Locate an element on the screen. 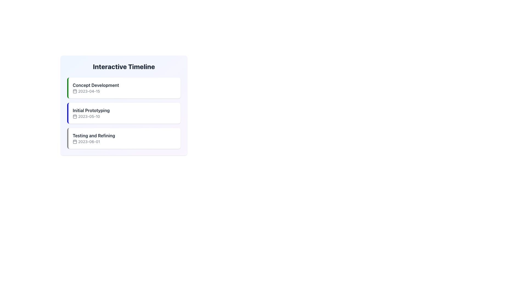  the Text Display with Icon that provides information about 'Concept Development' dated '2023-04-15' in the 'Interactive Timeline' panel is located at coordinates (96, 87).